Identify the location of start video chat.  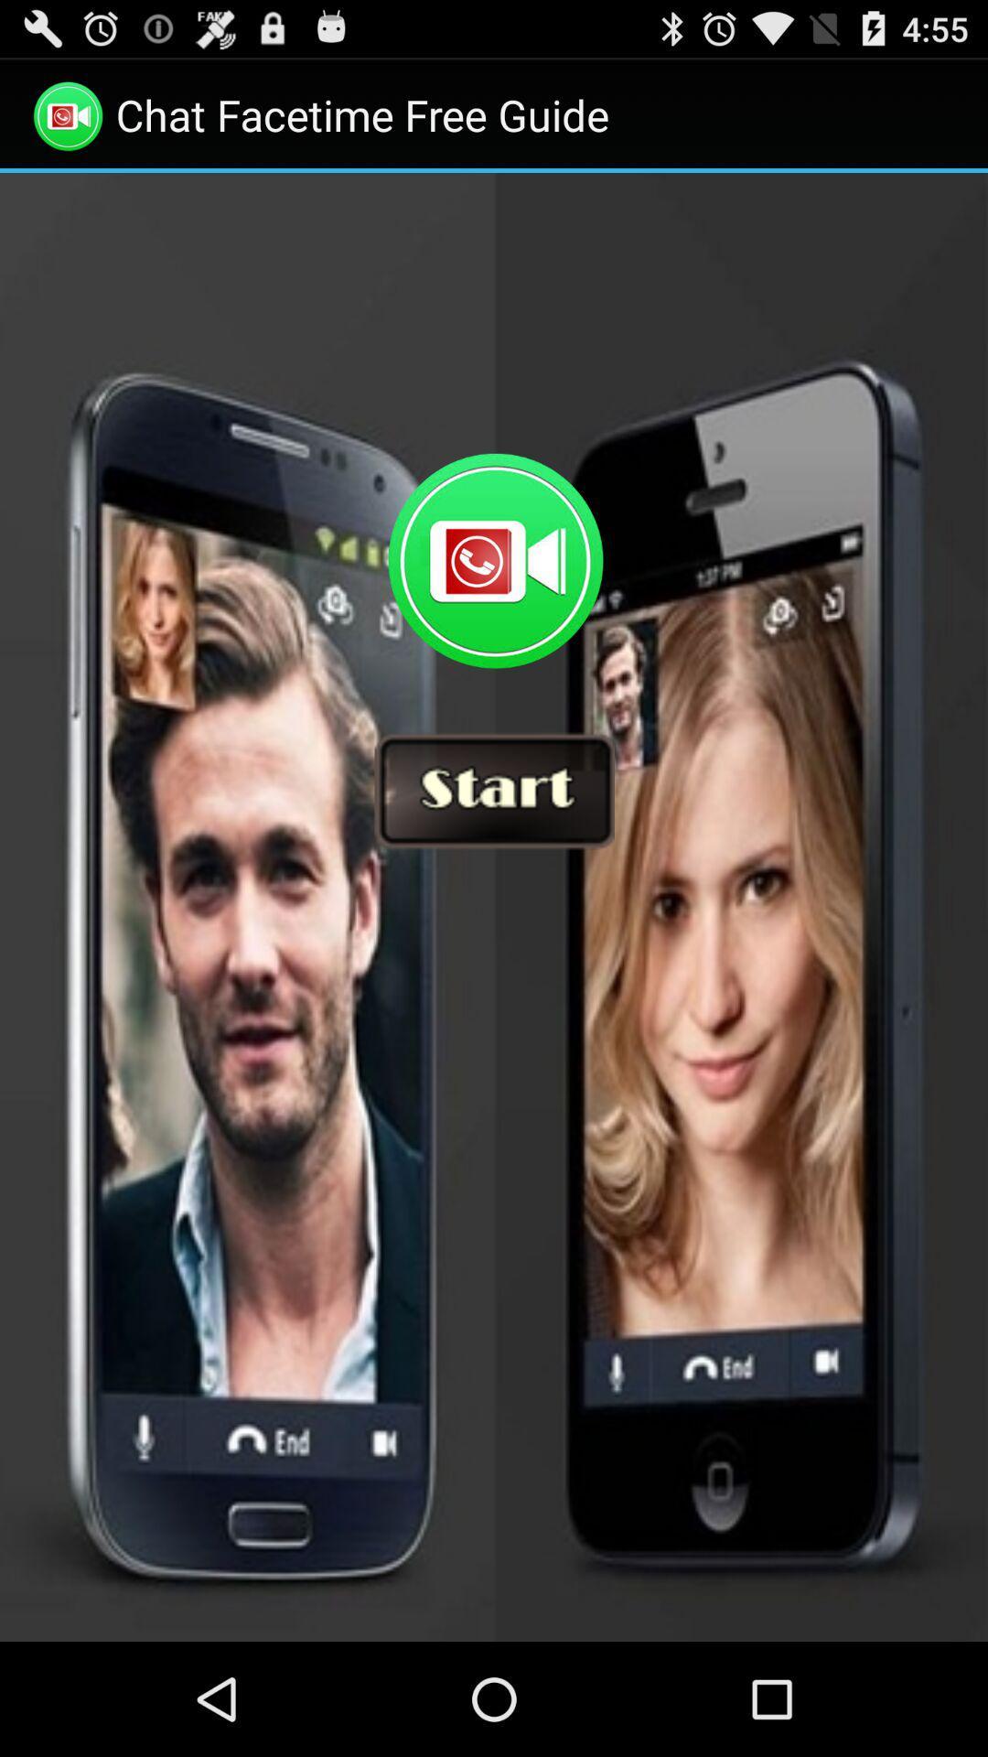
(494, 907).